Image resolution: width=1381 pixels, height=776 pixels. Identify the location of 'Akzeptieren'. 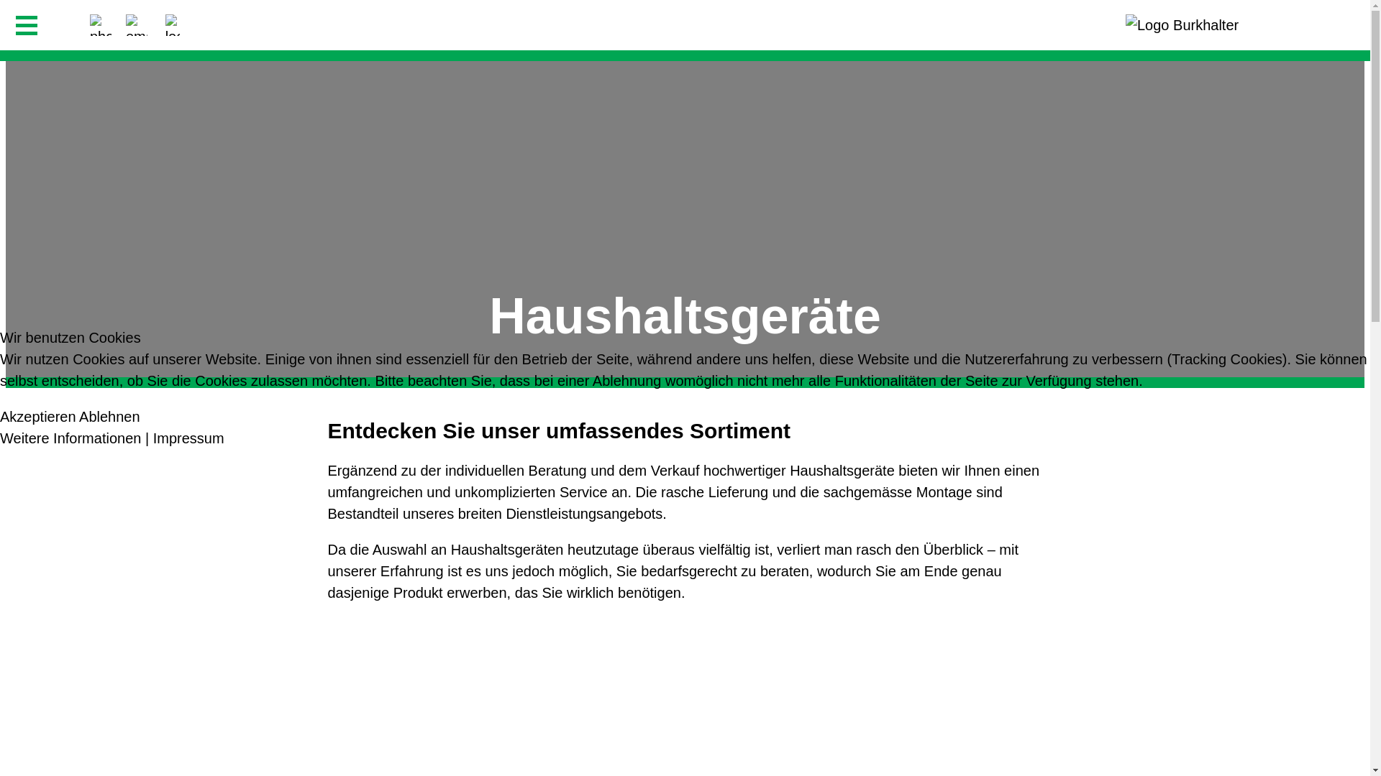
(37, 416).